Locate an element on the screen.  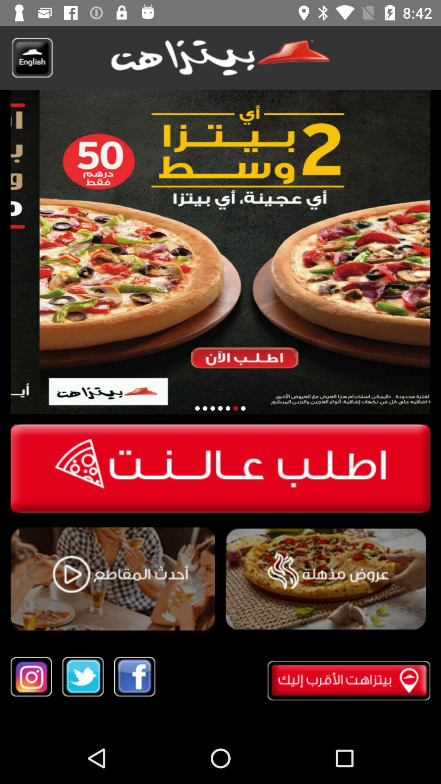
next queued image is located at coordinates (236, 408).